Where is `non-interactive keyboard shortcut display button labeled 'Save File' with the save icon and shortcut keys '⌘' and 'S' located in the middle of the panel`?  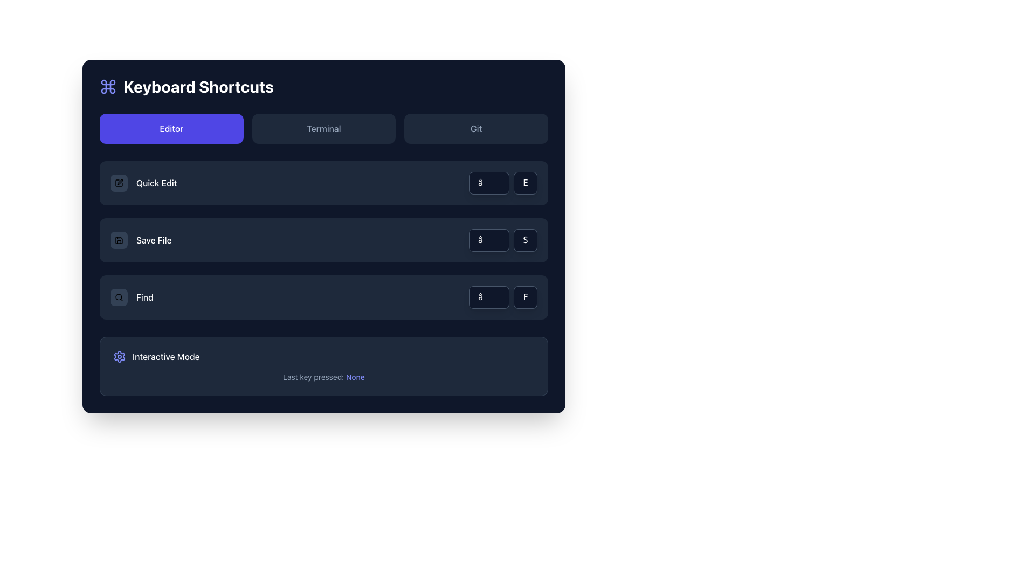
non-interactive keyboard shortcut display button labeled 'Save File' with the save icon and shortcut keys '⌘' and 'S' located in the middle of the panel is located at coordinates (323, 240).